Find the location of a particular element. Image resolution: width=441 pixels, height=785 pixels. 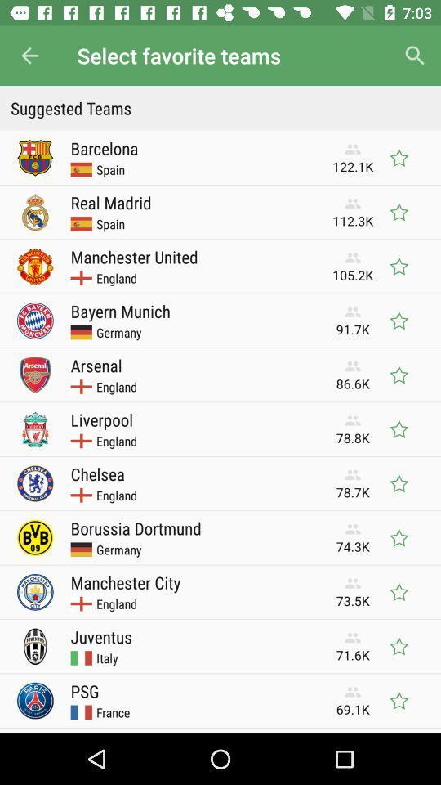

the real madrid icon is located at coordinates (110, 201).